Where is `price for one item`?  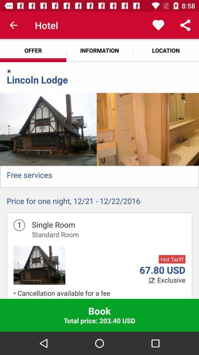 price for one item is located at coordinates (99, 203).